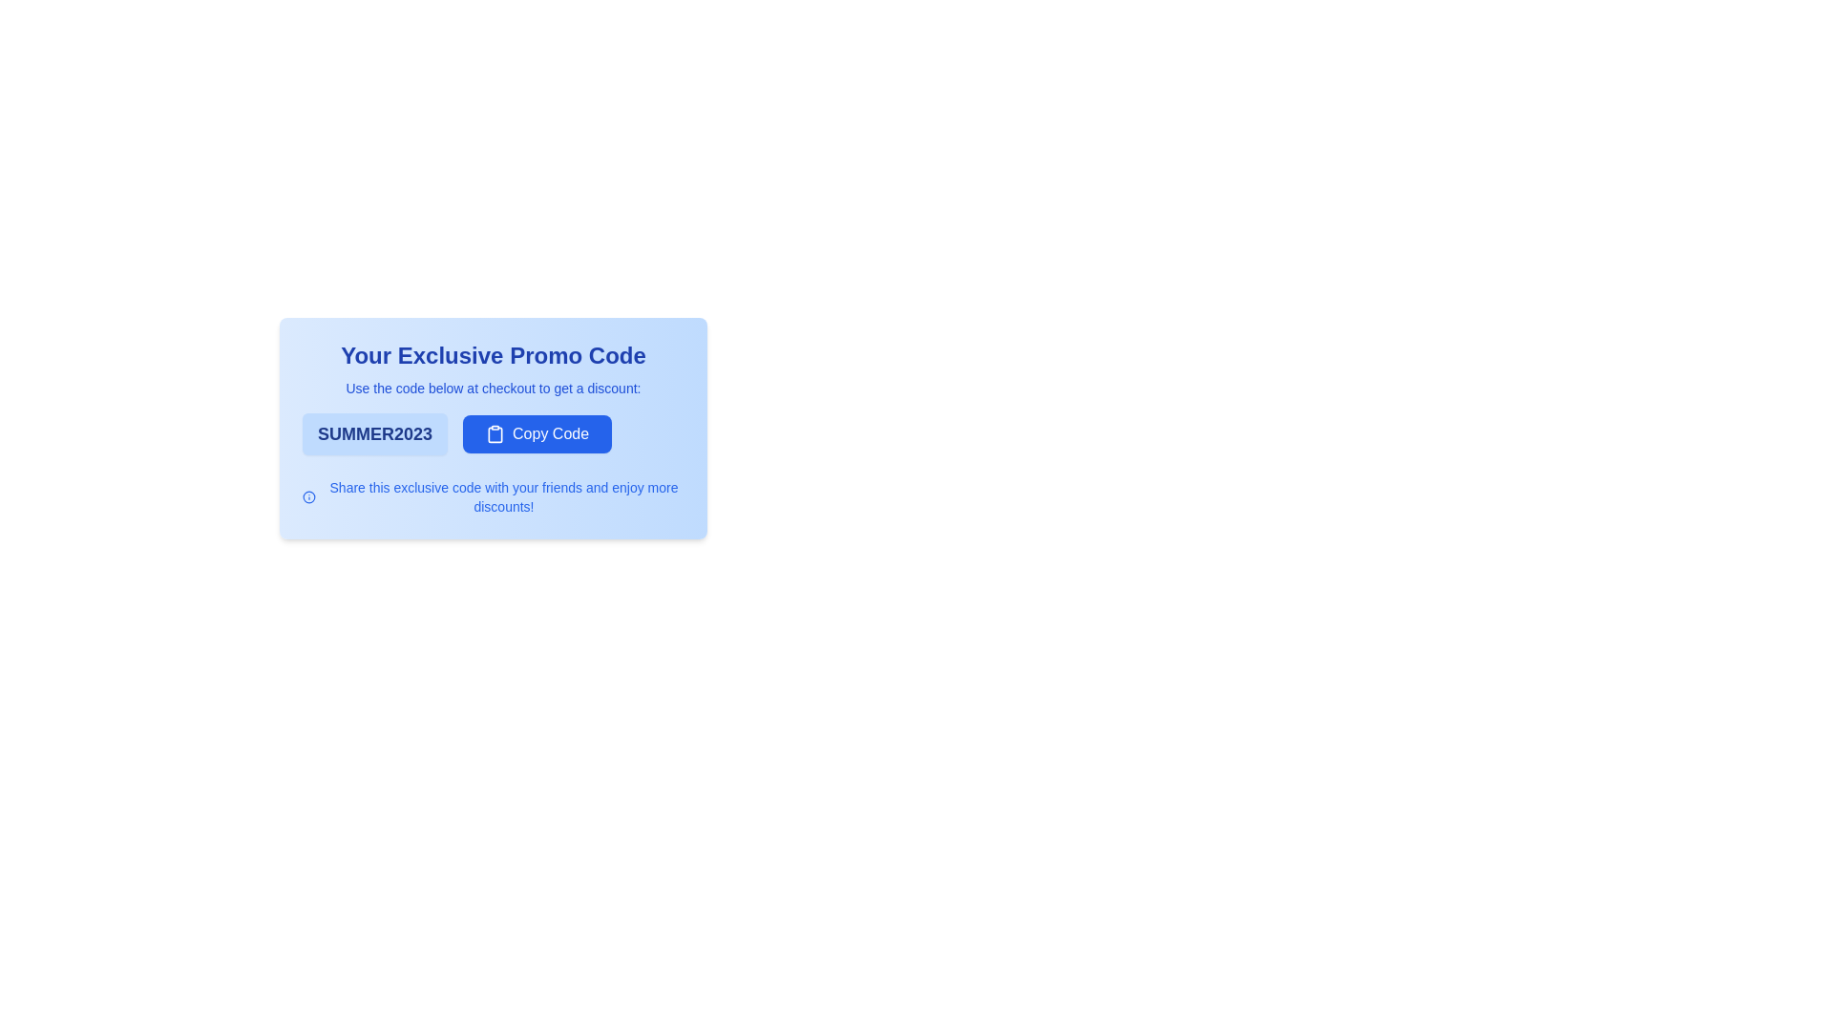  I want to click on the text displaying the message 'Share this exclusive code with your friends and enjoy more discounts!' located at the bottom of the promotional card, so click(494, 495).